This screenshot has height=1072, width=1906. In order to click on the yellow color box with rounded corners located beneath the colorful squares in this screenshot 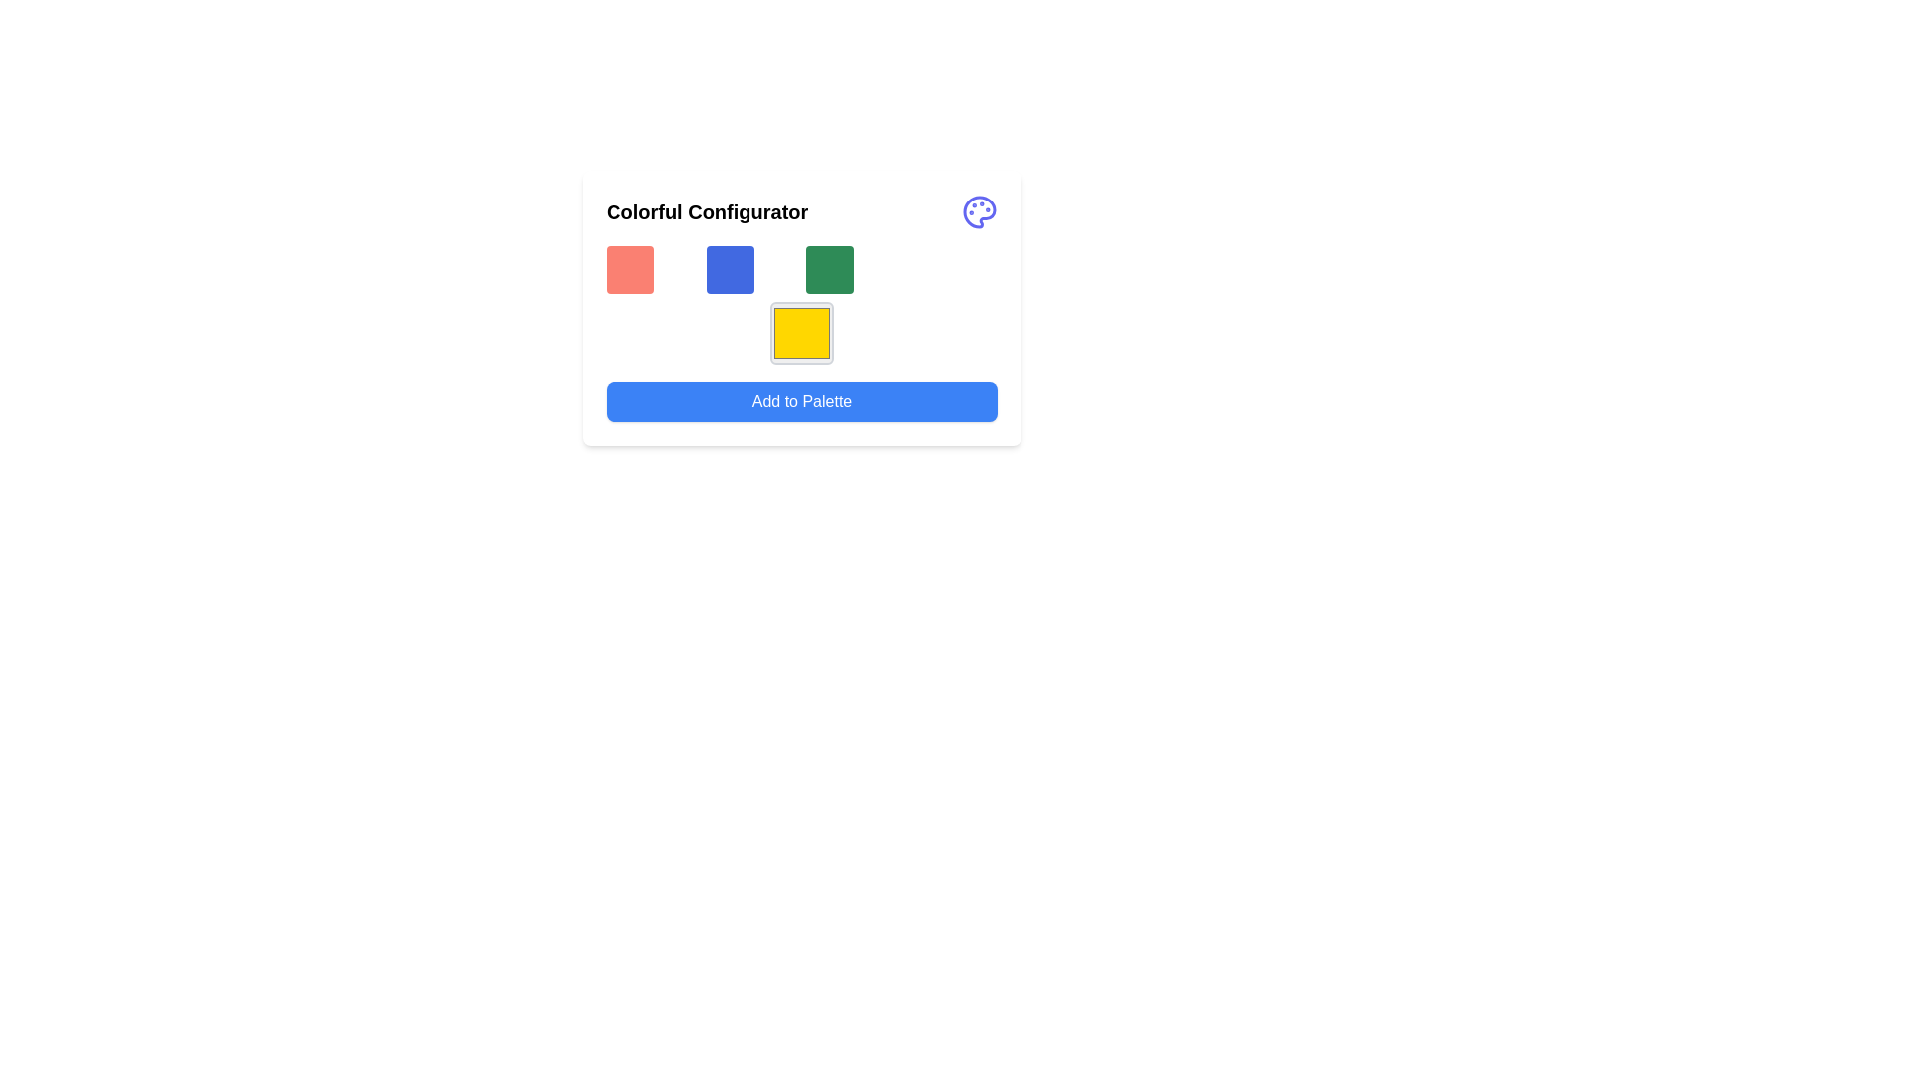, I will do `click(801, 306)`.